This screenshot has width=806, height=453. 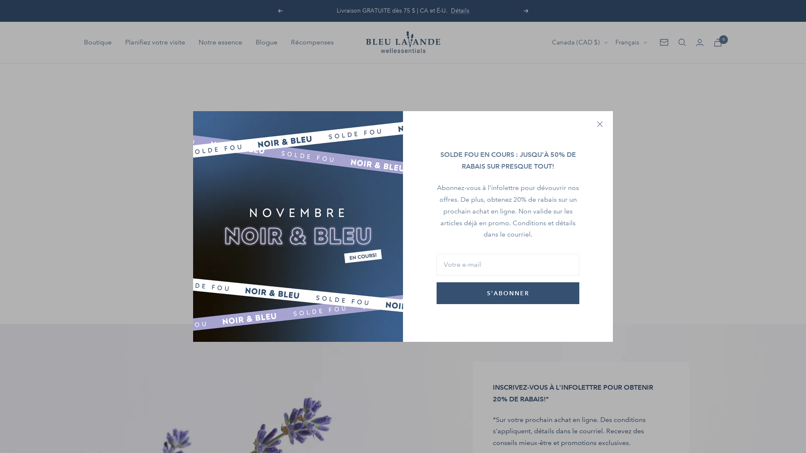 I want to click on 'Suivant', so click(x=526, y=11).